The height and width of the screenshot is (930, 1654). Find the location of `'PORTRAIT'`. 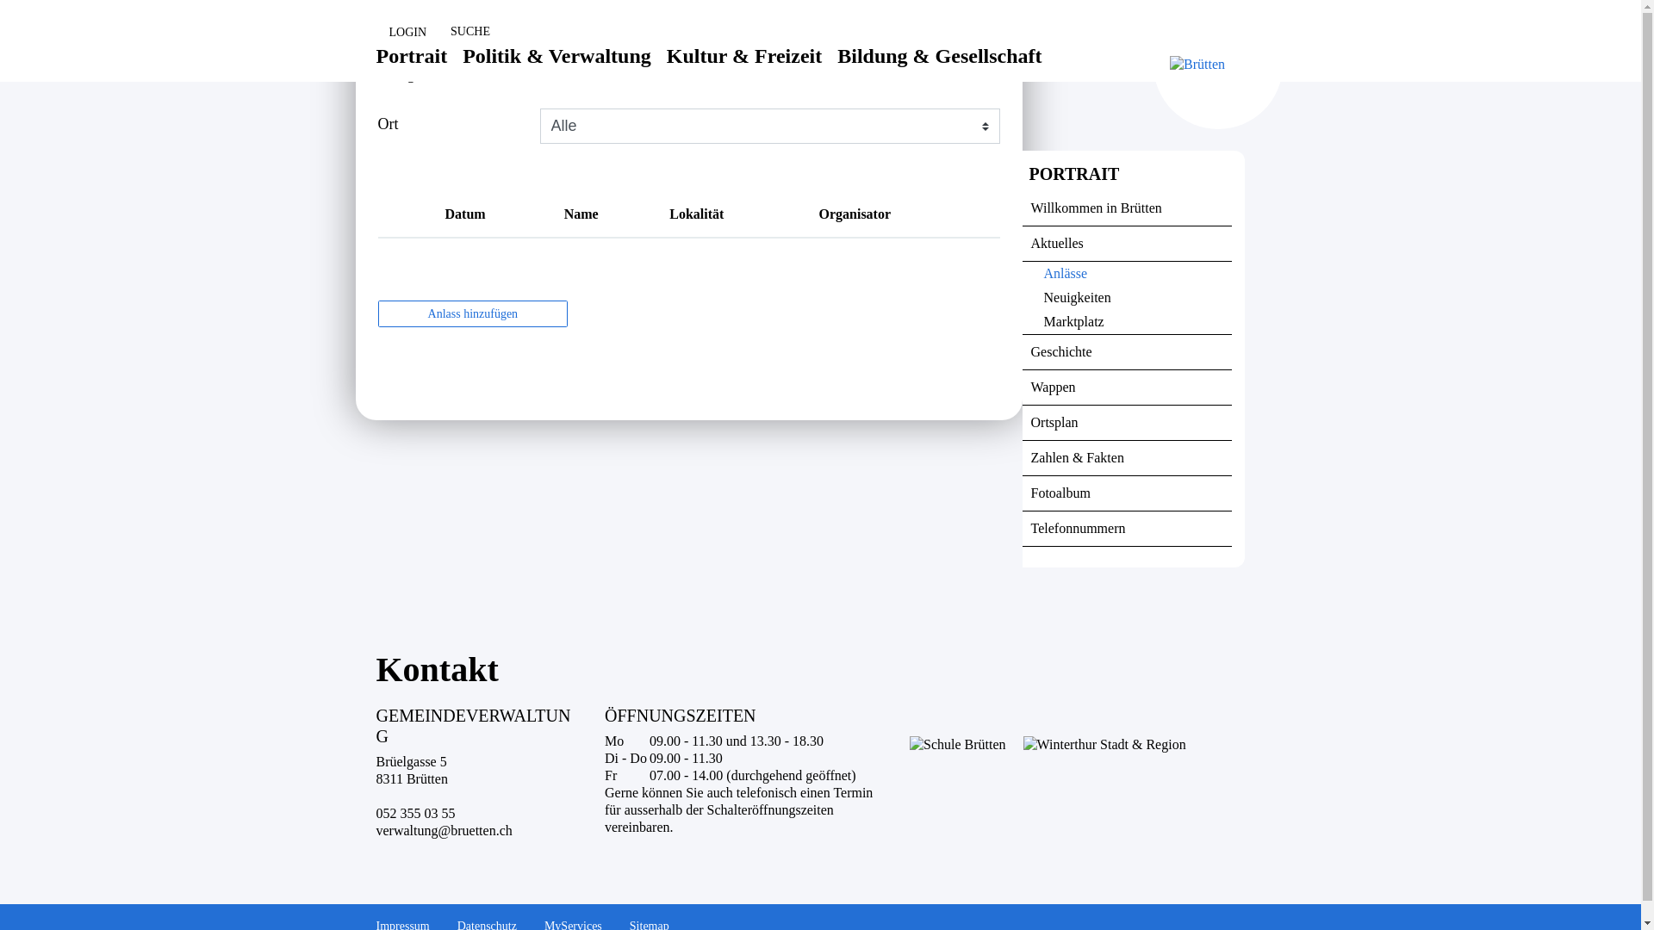

'PORTRAIT' is located at coordinates (1126, 177).